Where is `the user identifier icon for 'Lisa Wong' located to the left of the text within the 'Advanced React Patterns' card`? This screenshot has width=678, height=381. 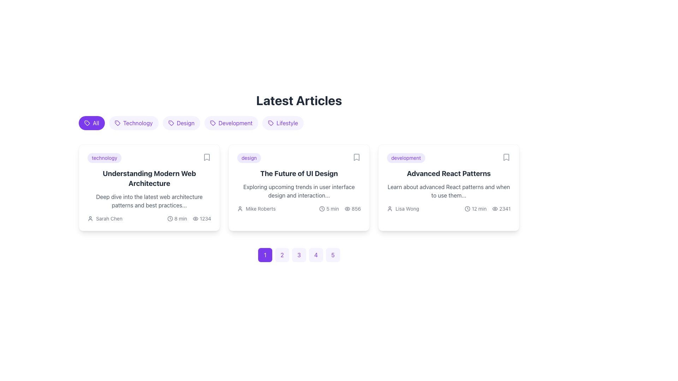 the user identifier icon for 'Lisa Wong' located to the left of the text within the 'Advanced React Patterns' card is located at coordinates (389, 208).